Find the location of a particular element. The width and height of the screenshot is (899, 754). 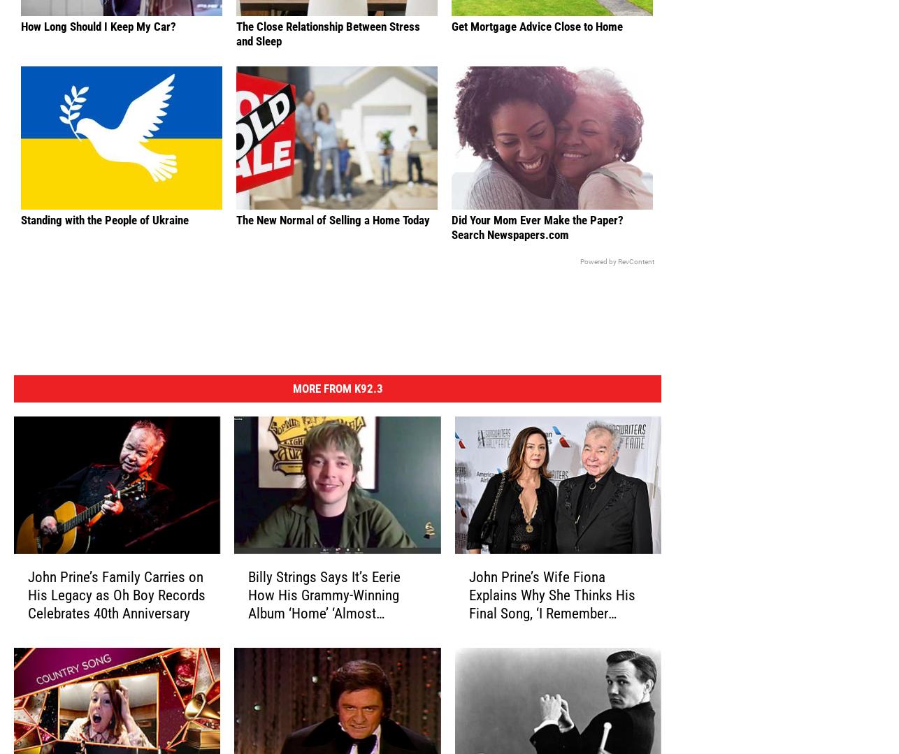

'John Prine’s Family Carries on His Legacy as Oh Boy Records Celebrates 40th Anniversary' is located at coordinates (117, 616).